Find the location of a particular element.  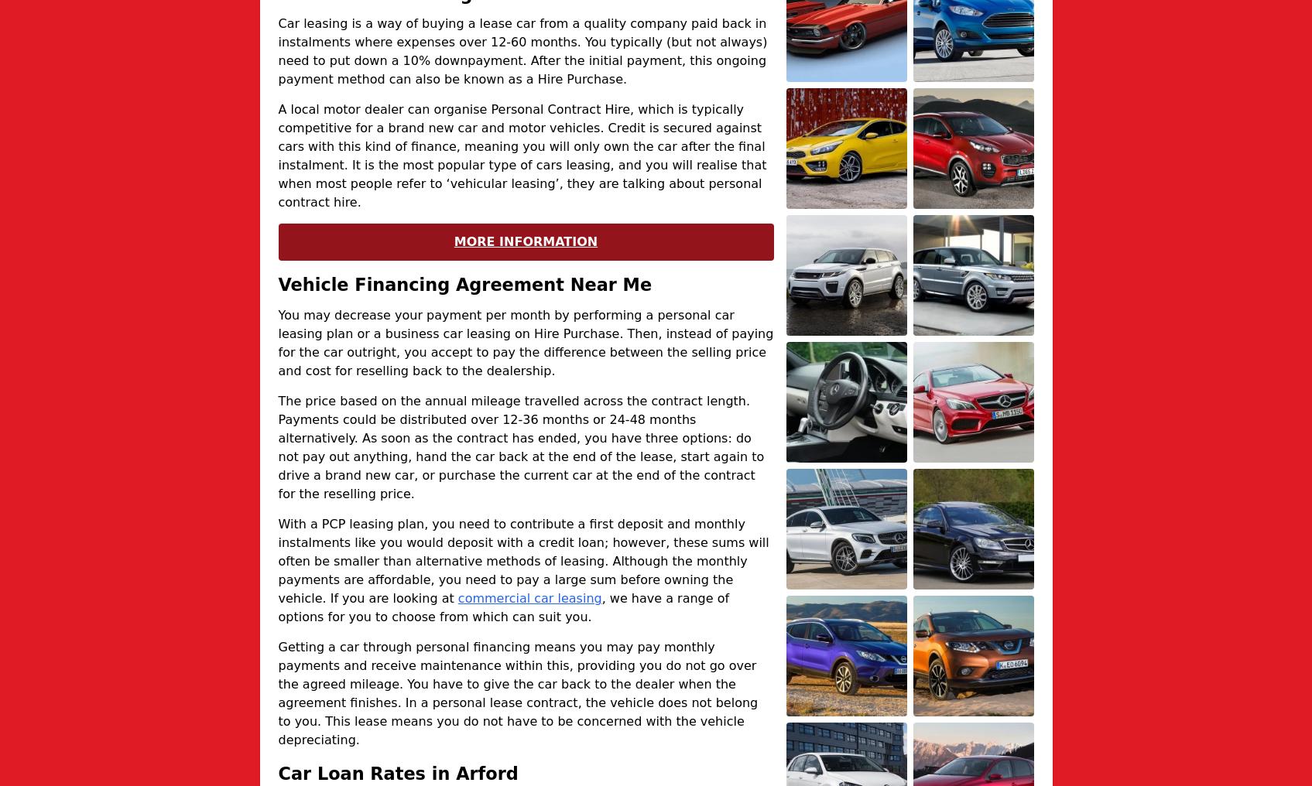

'Car leasing is a way of buying a lease car from a quality company paid back in instalments where expenses over 12-60 months. You typically (but not always) need to put down a 10% downpayment. After the initial payment, this ongoing payment method can also be known as a Hire Purchase.' is located at coordinates (277, 51).